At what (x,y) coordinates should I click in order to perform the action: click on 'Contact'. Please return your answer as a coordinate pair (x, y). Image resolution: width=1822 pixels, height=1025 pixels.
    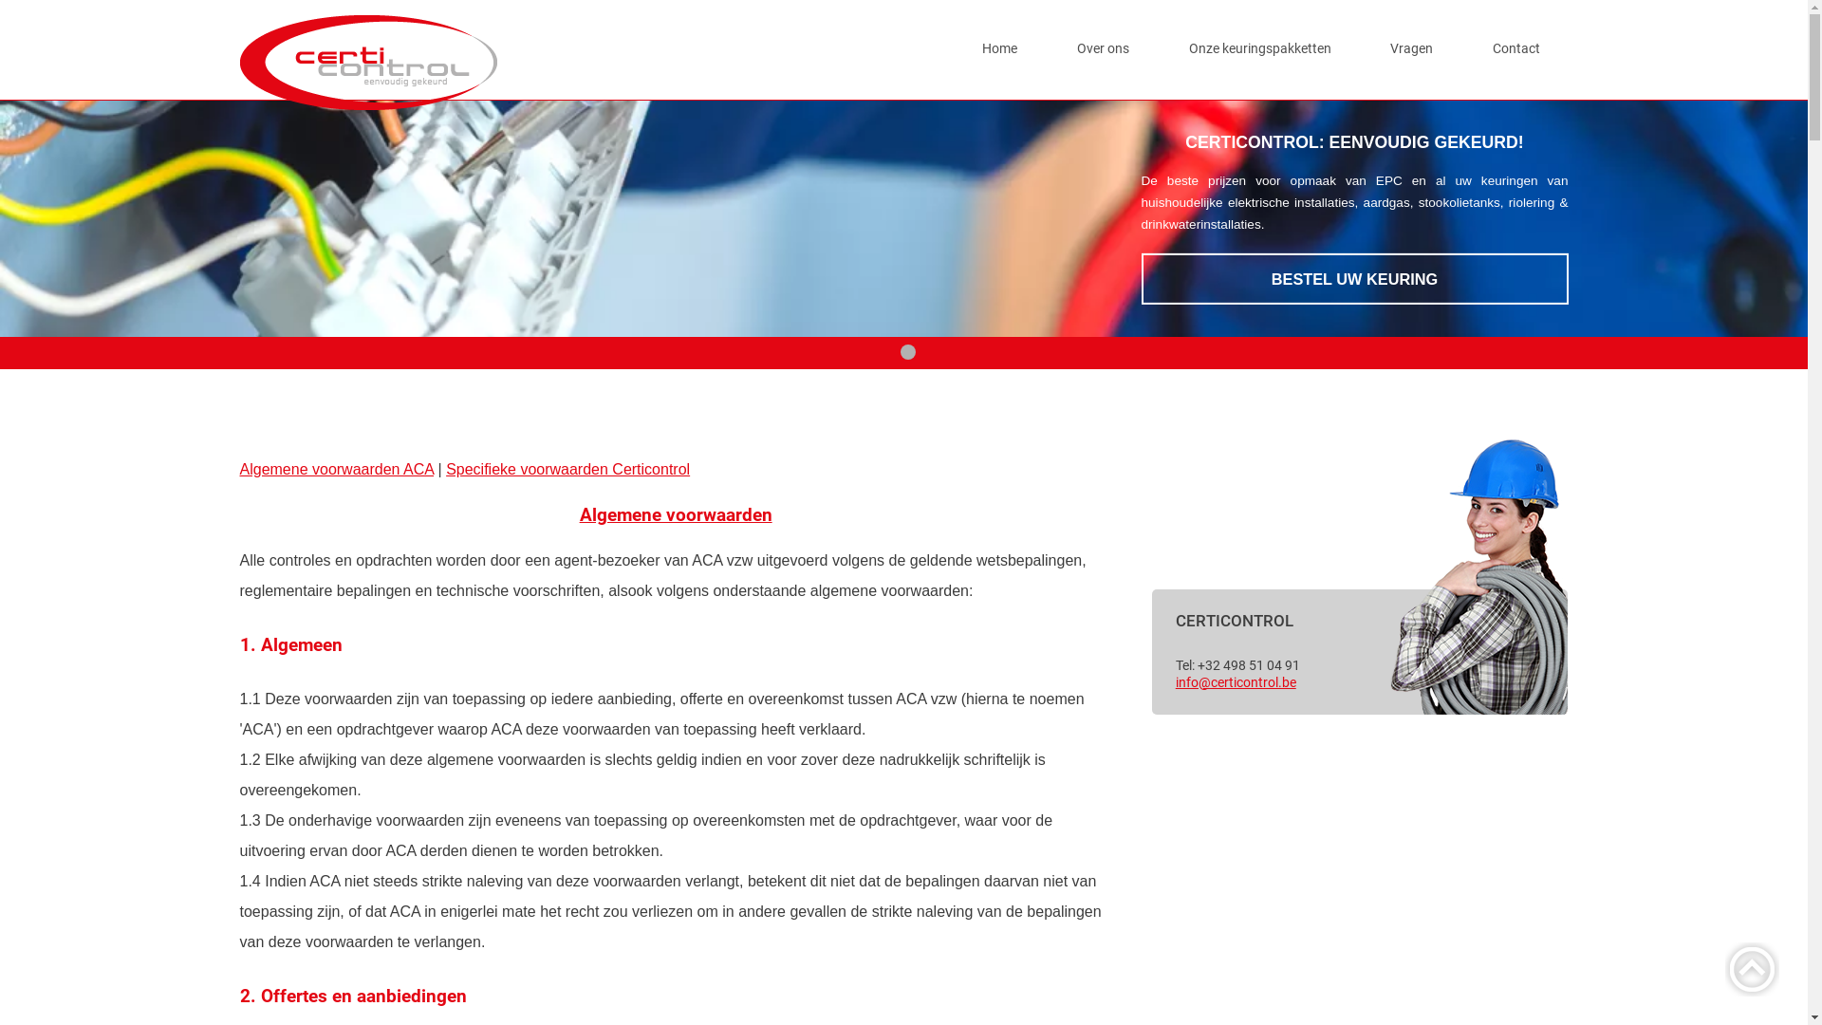
    Looking at the image, I should click on (1515, 47).